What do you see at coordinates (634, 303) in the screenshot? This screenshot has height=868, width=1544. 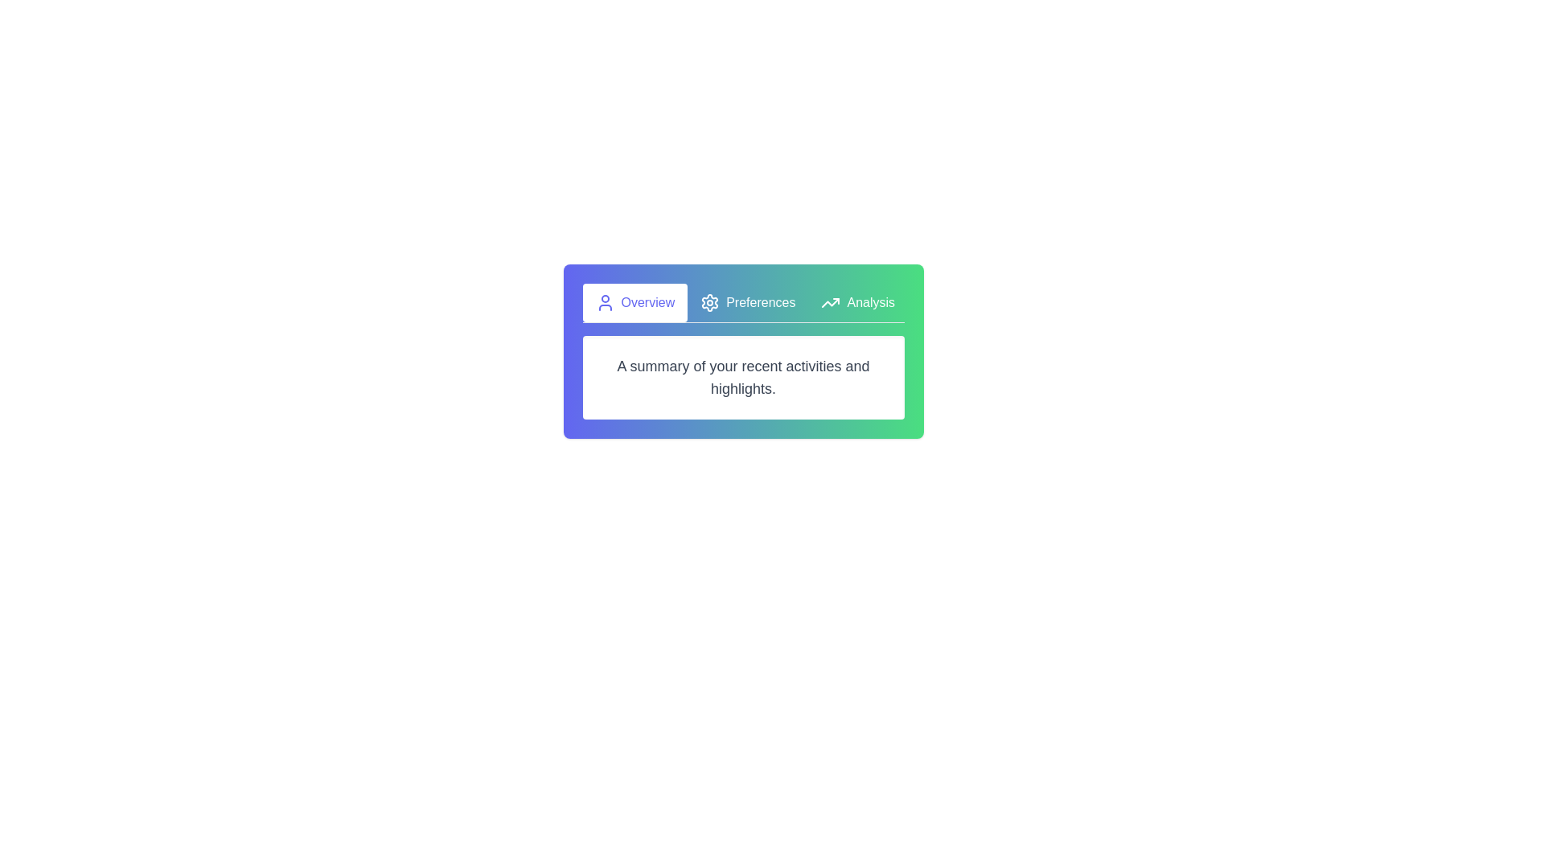 I see `the active tab to inspect its appearance` at bounding box center [634, 303].